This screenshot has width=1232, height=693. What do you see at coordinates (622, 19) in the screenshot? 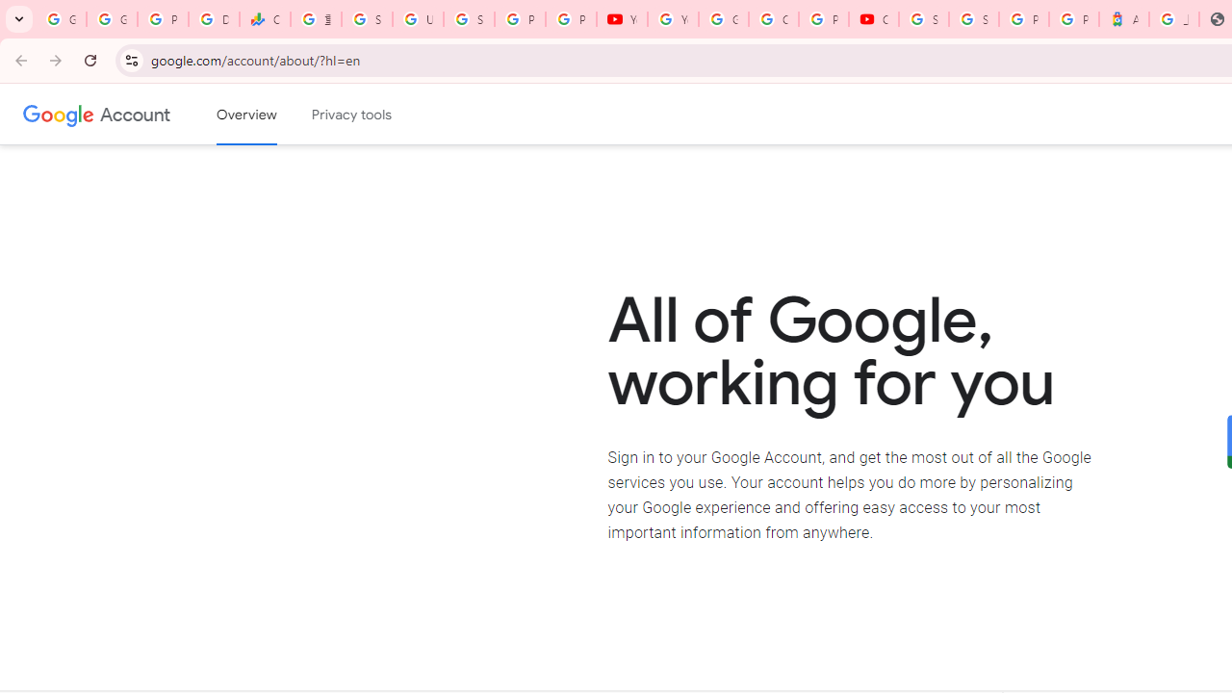
I see `'YouTube'` at bounding box center [622, 19].